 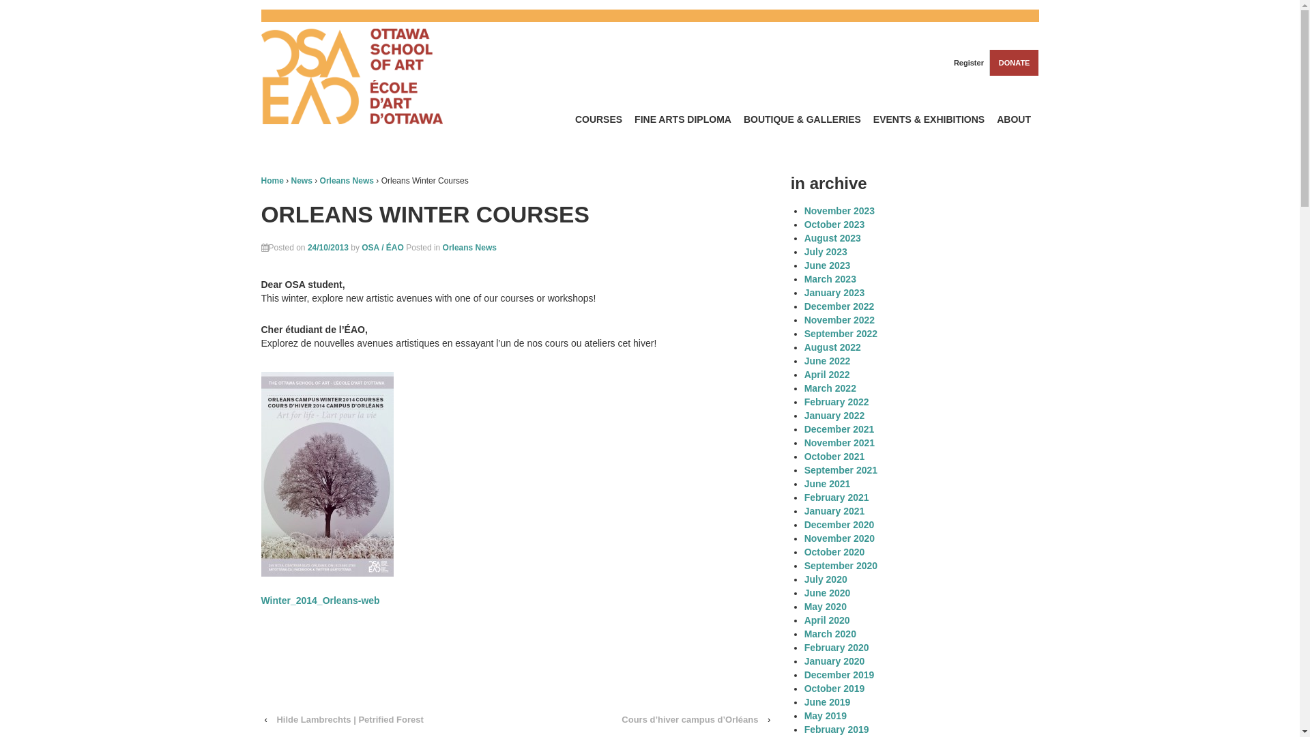 What do you see at coordinates (1014, 63) in the screenshot?
I see `'DONATE'` at bounding box center [1014, 63].